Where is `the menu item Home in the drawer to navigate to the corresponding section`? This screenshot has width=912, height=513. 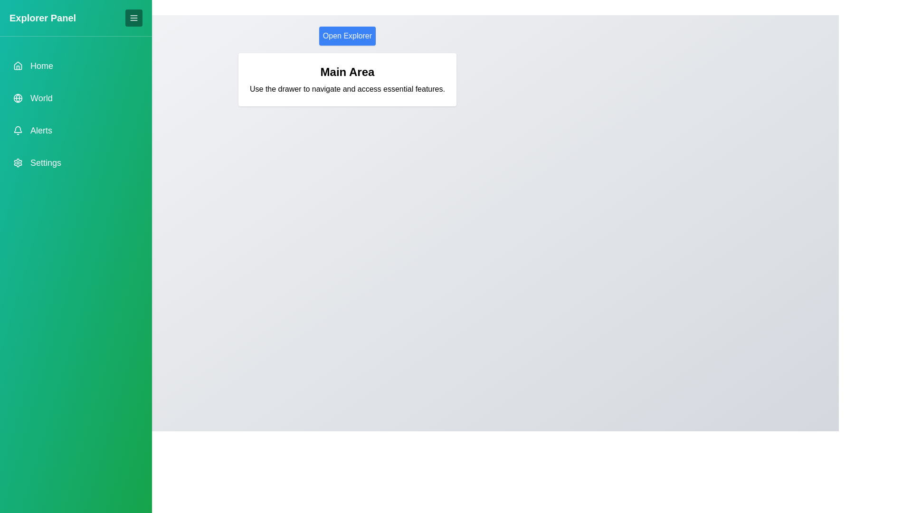
the menu item Home in the drawer to navigate to the corresponding section is located at coordinates (75, 65).